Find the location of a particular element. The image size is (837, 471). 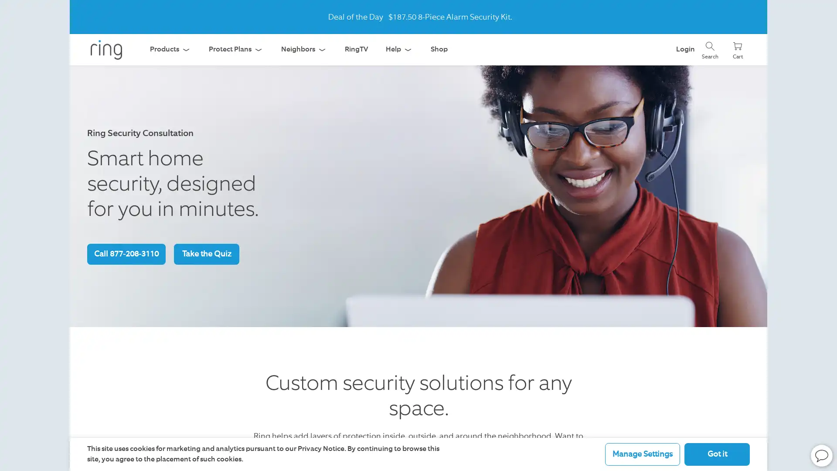

Got it is located at coordinates (717, 454).